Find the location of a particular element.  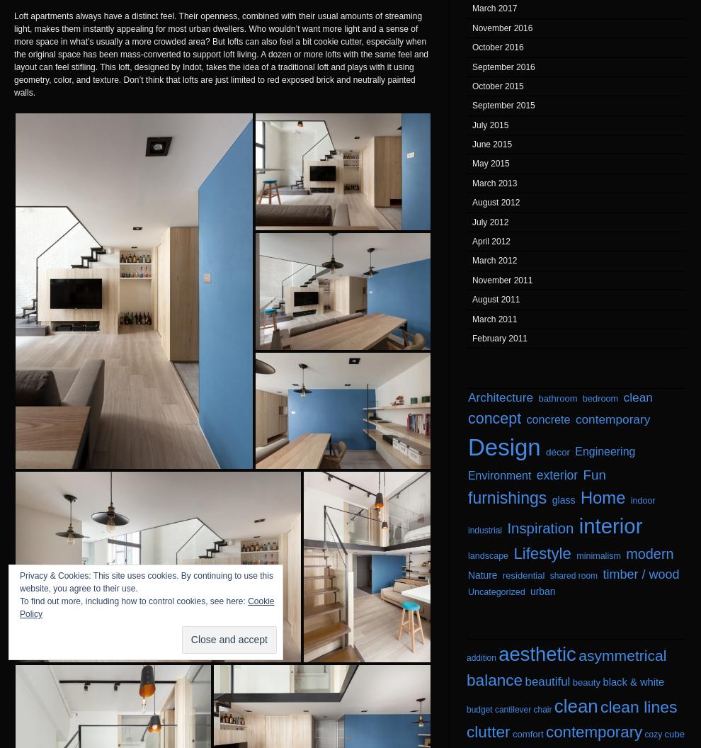

'glass' is located at coordinates (562, 500).